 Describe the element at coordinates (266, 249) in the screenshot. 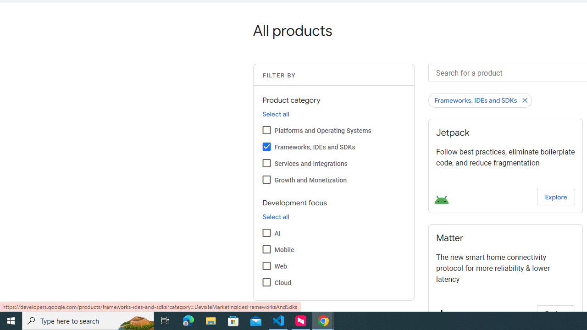

I see `'Mobile'` at that location.